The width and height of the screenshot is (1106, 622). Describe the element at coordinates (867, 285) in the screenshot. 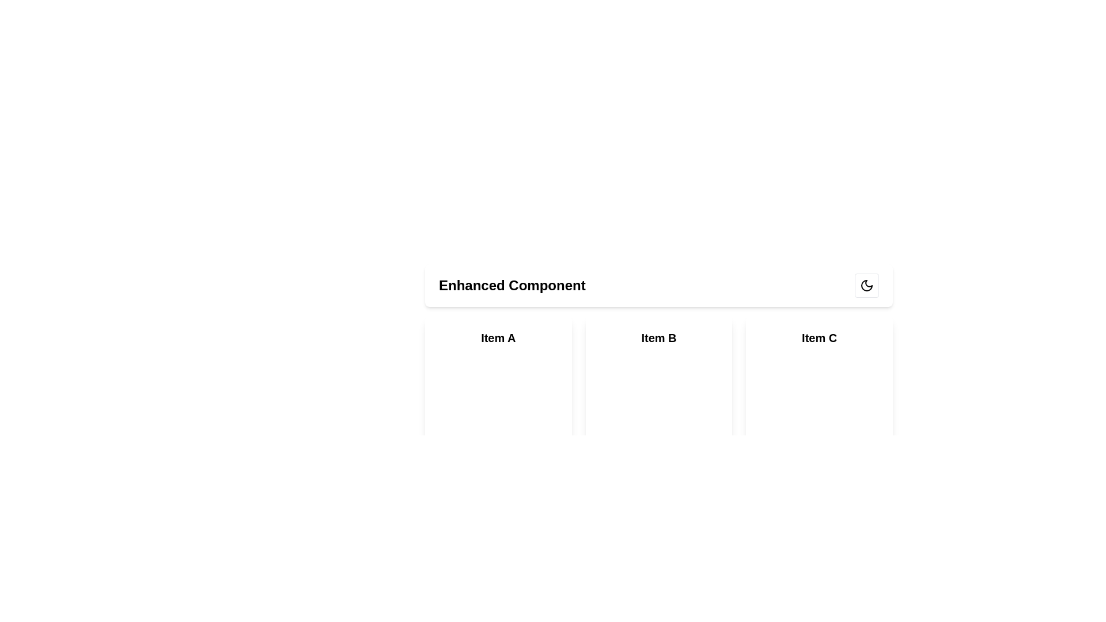

I see `the crescent moon icon located at the top-right corner of the interface, next to the header 'Enhanced Component'` at that location.